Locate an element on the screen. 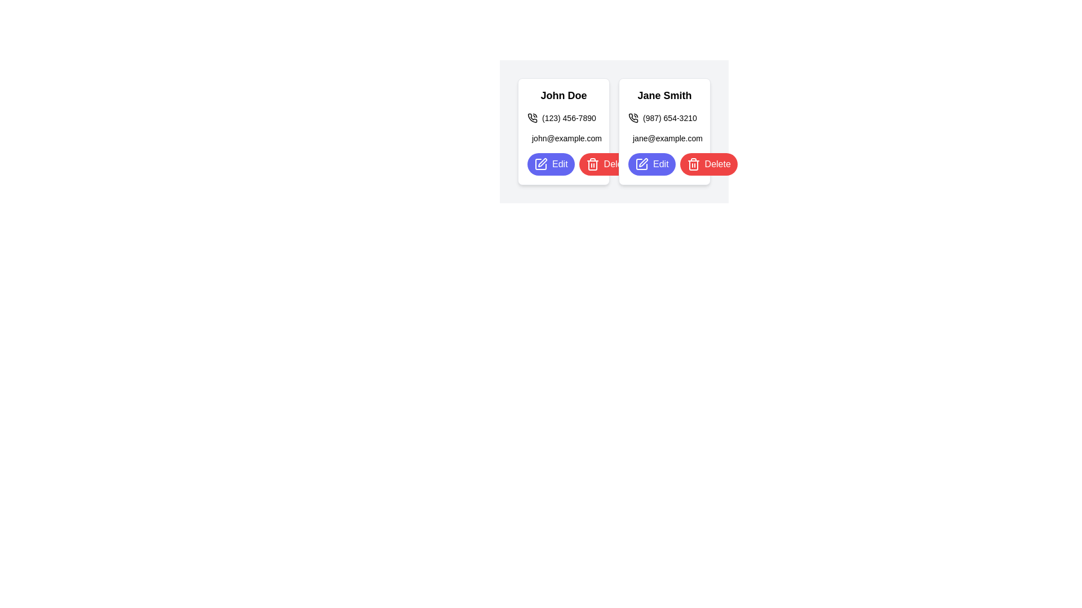  the icon within the 'Edit' button, which is styled with a blue background and is located under the card displaying user information for 'John Doe' is located at coordinates (541, 164).